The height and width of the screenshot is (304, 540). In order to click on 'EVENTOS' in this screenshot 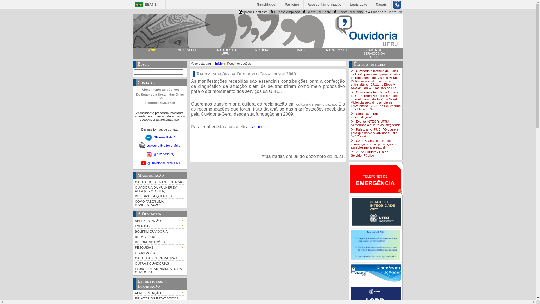, I will do `click(133, 225)`.